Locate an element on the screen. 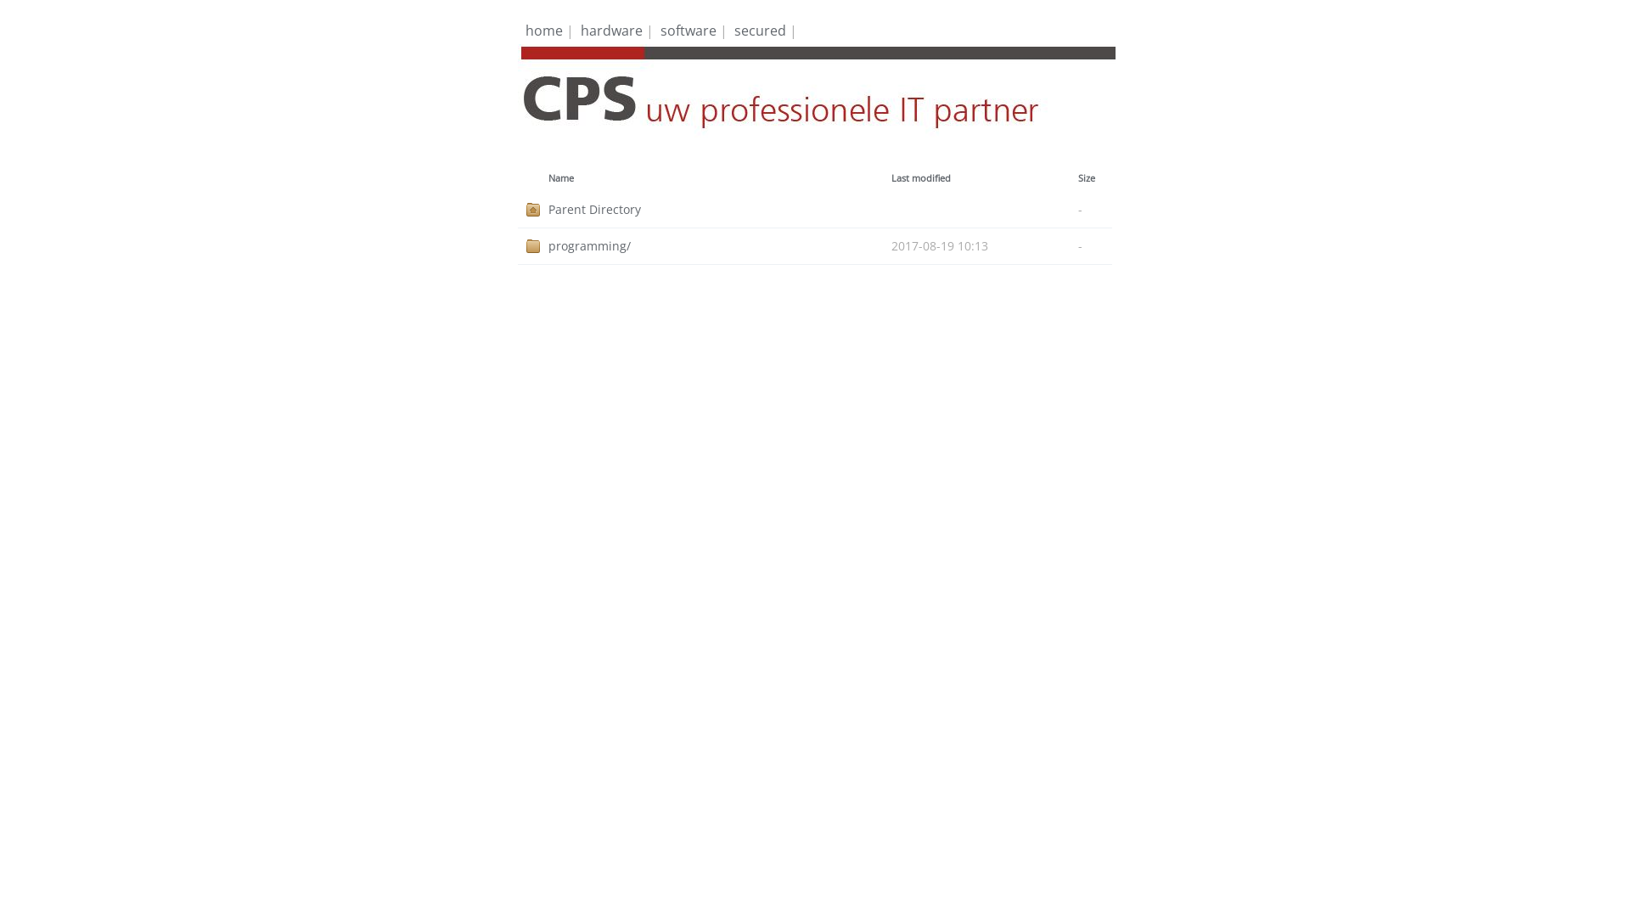  'Parent Directory' is located at coordinates (720, 208).